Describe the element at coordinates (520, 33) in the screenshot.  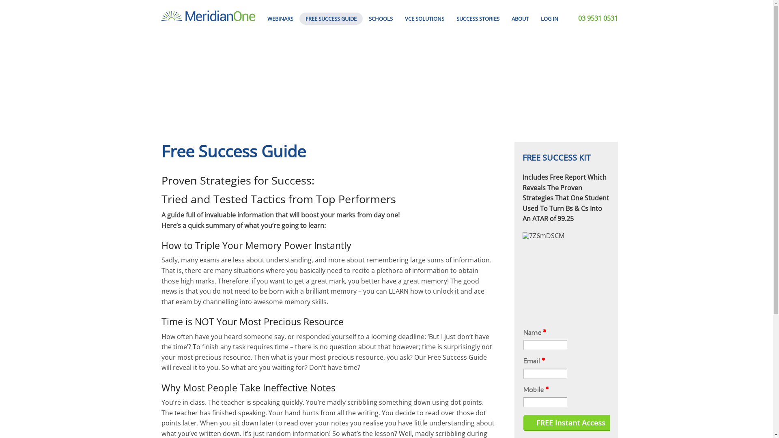
I see `'ABOUT US'` at that location.